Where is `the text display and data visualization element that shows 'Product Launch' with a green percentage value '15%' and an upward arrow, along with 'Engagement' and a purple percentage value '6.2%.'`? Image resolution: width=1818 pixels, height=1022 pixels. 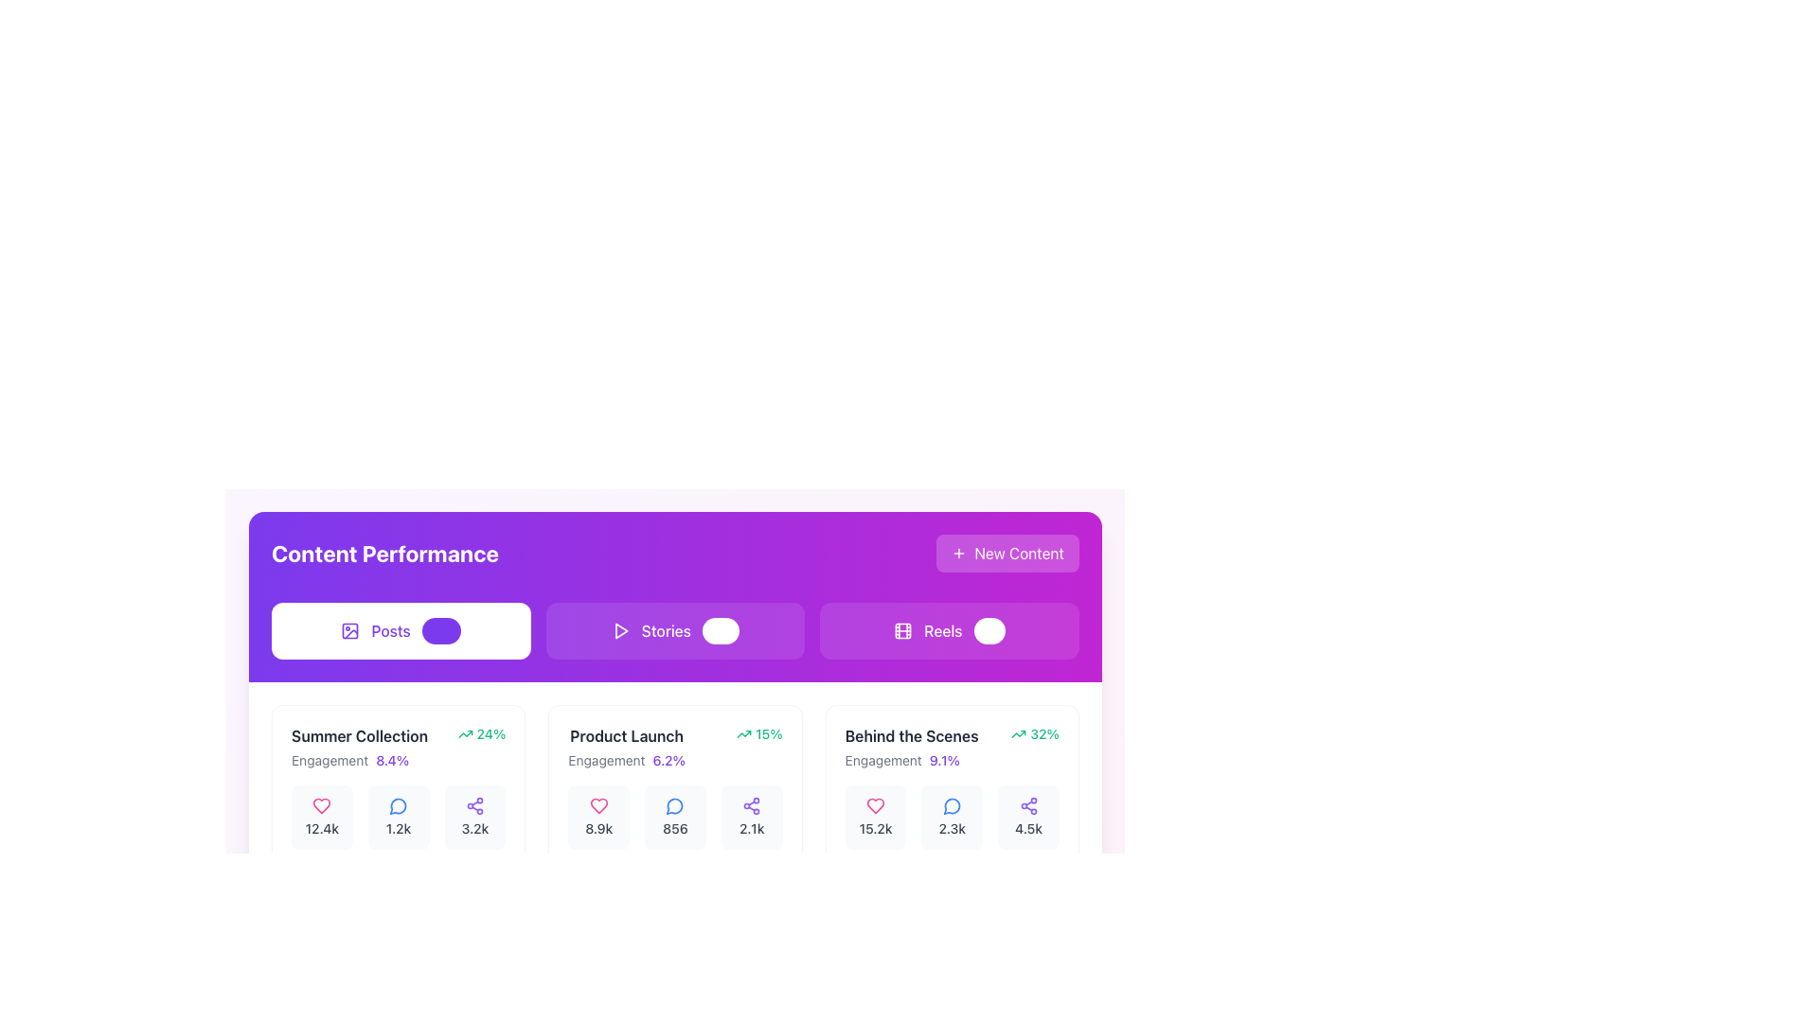 the text display and data visualization element that shows 'Product Launch' with a green percentage value '15%' and an upward arrow, along with 'Engagement' and a purple percentage value '6.2%.' is located at coordinates (675, 747).